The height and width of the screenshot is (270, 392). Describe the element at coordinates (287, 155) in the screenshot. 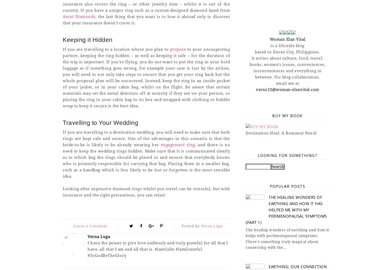

I see `'Looking for something?'` at that location.